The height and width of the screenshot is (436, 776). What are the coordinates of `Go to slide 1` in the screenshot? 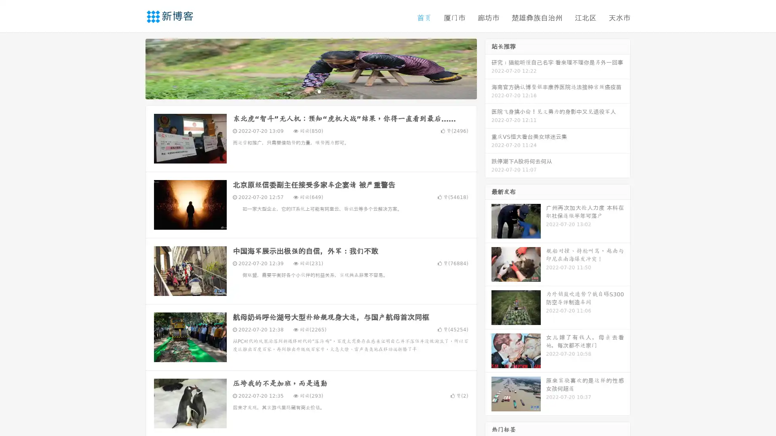 It's located at (302, 91).